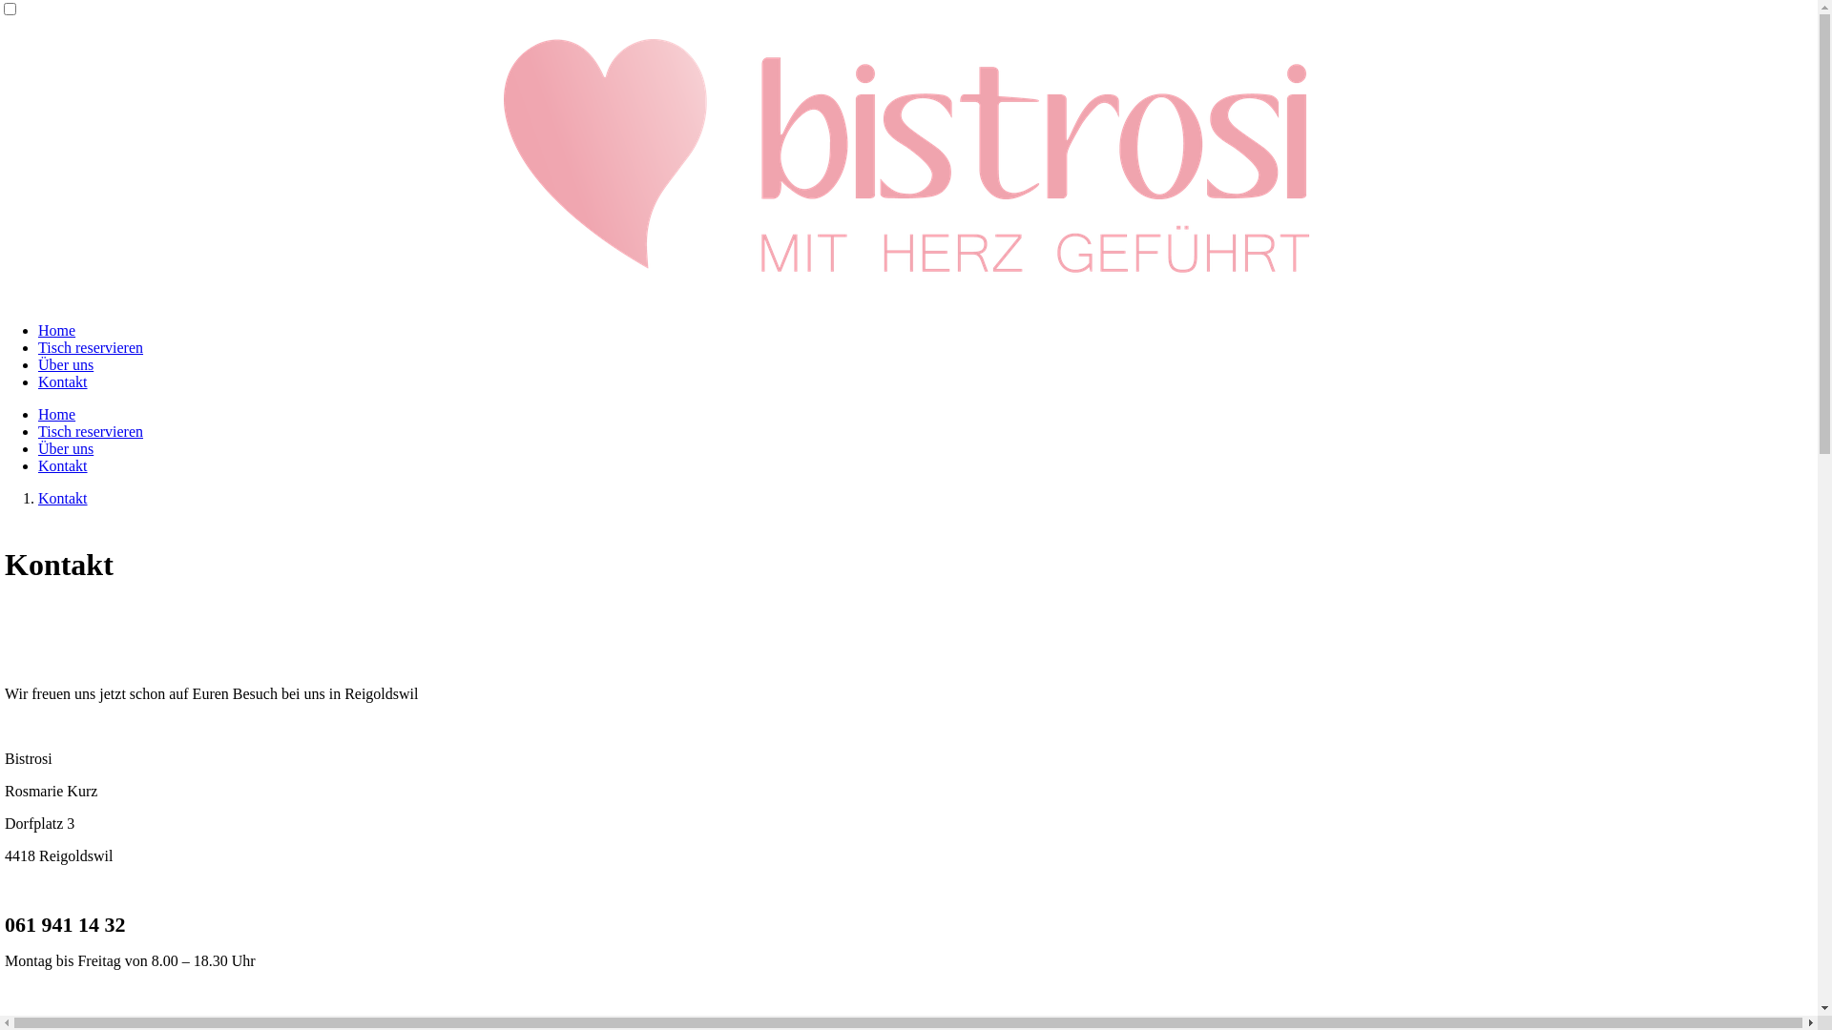 The height and width of the screenshot is (1030, 1832). What do you see at coordinates (37, 465) in the screenshot?
I see `'Kontakt'` at bounding box center [37, 465].